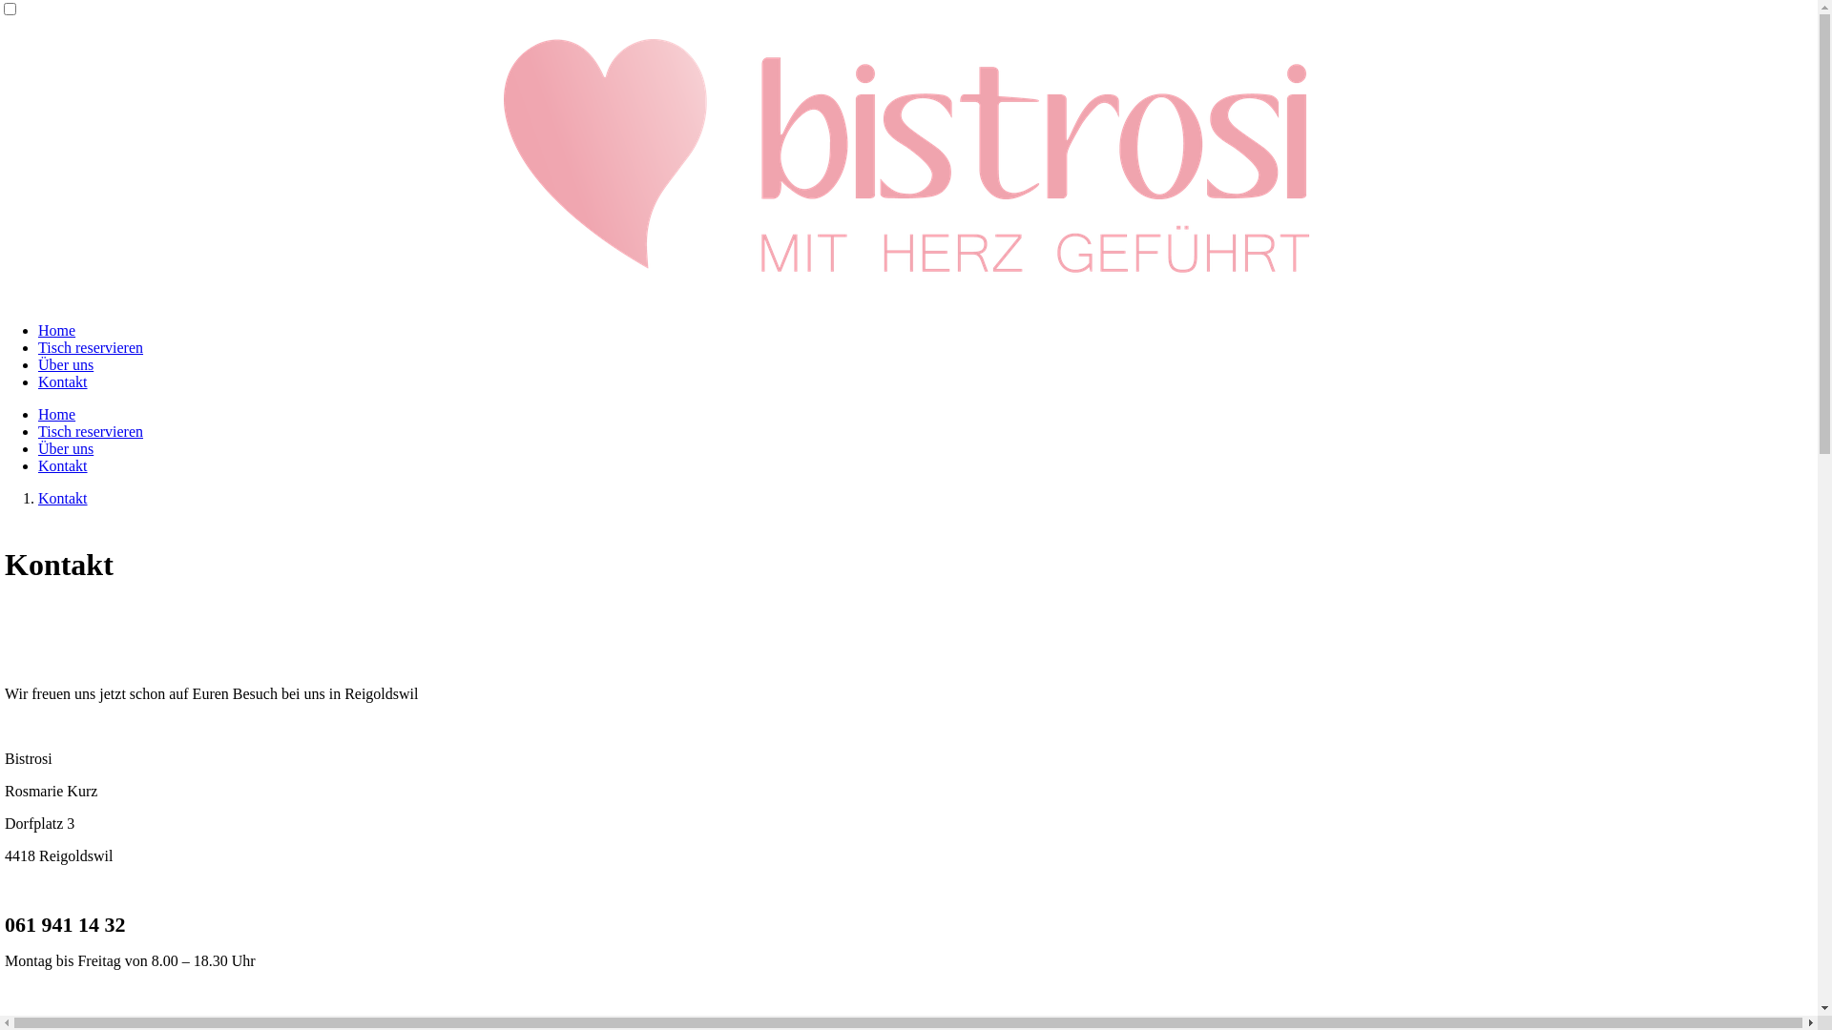 The height and width of the screenshot is (1030, 1832). What do you see at coordinates (37, 465) in the screenshot?
I see `'Kontakt'` at bounding box center [37, 465].